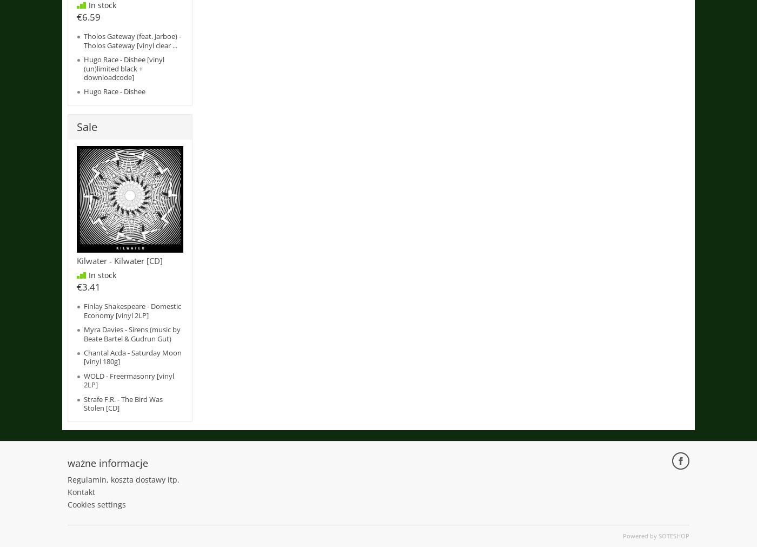 The height and width of the screenshot is (547, 757). I want to click on 'Hugo Race - Dishee [vinyl (un)limited black + downloadcode]', so click(124, 67).